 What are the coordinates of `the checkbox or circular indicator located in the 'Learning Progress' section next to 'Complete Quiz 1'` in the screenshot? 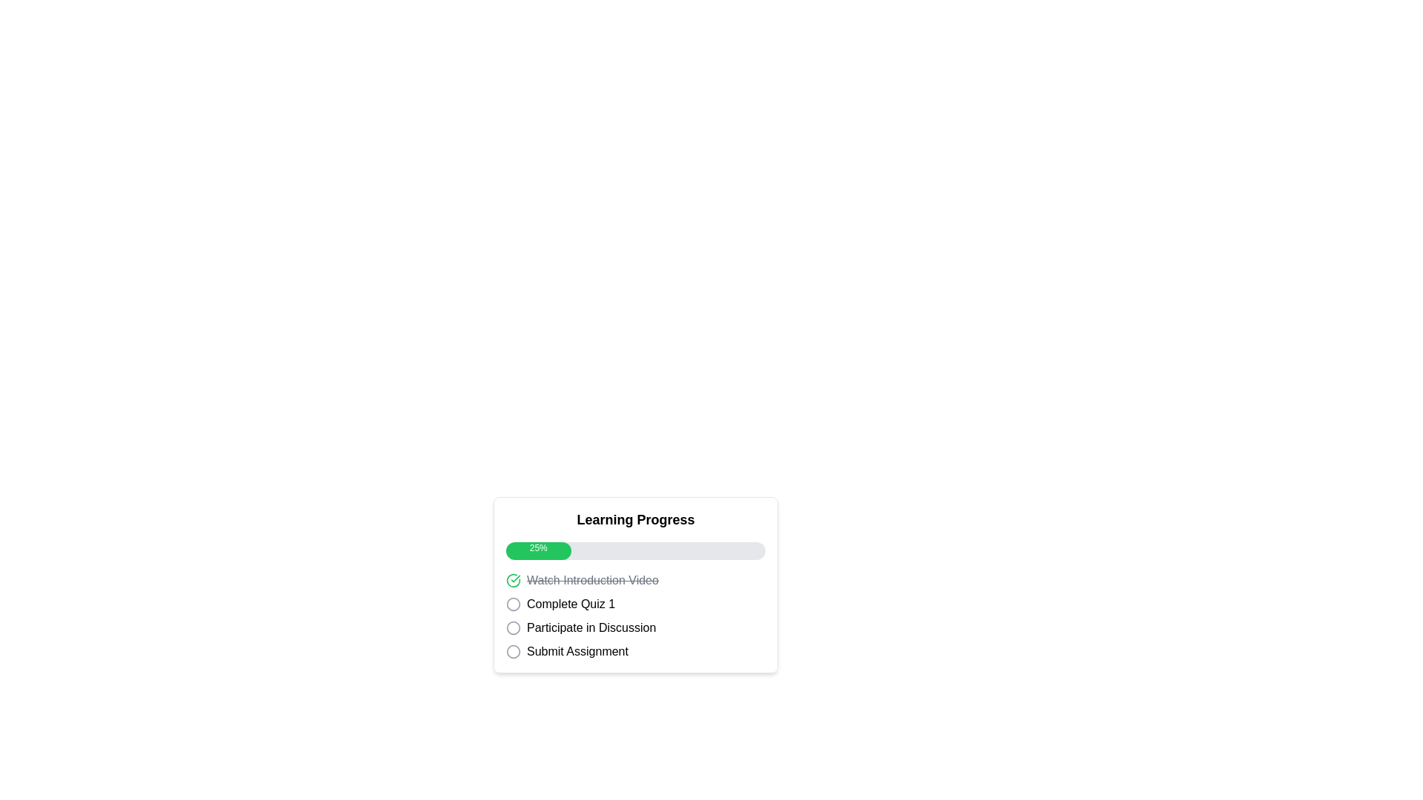 It's located at (513, 604).